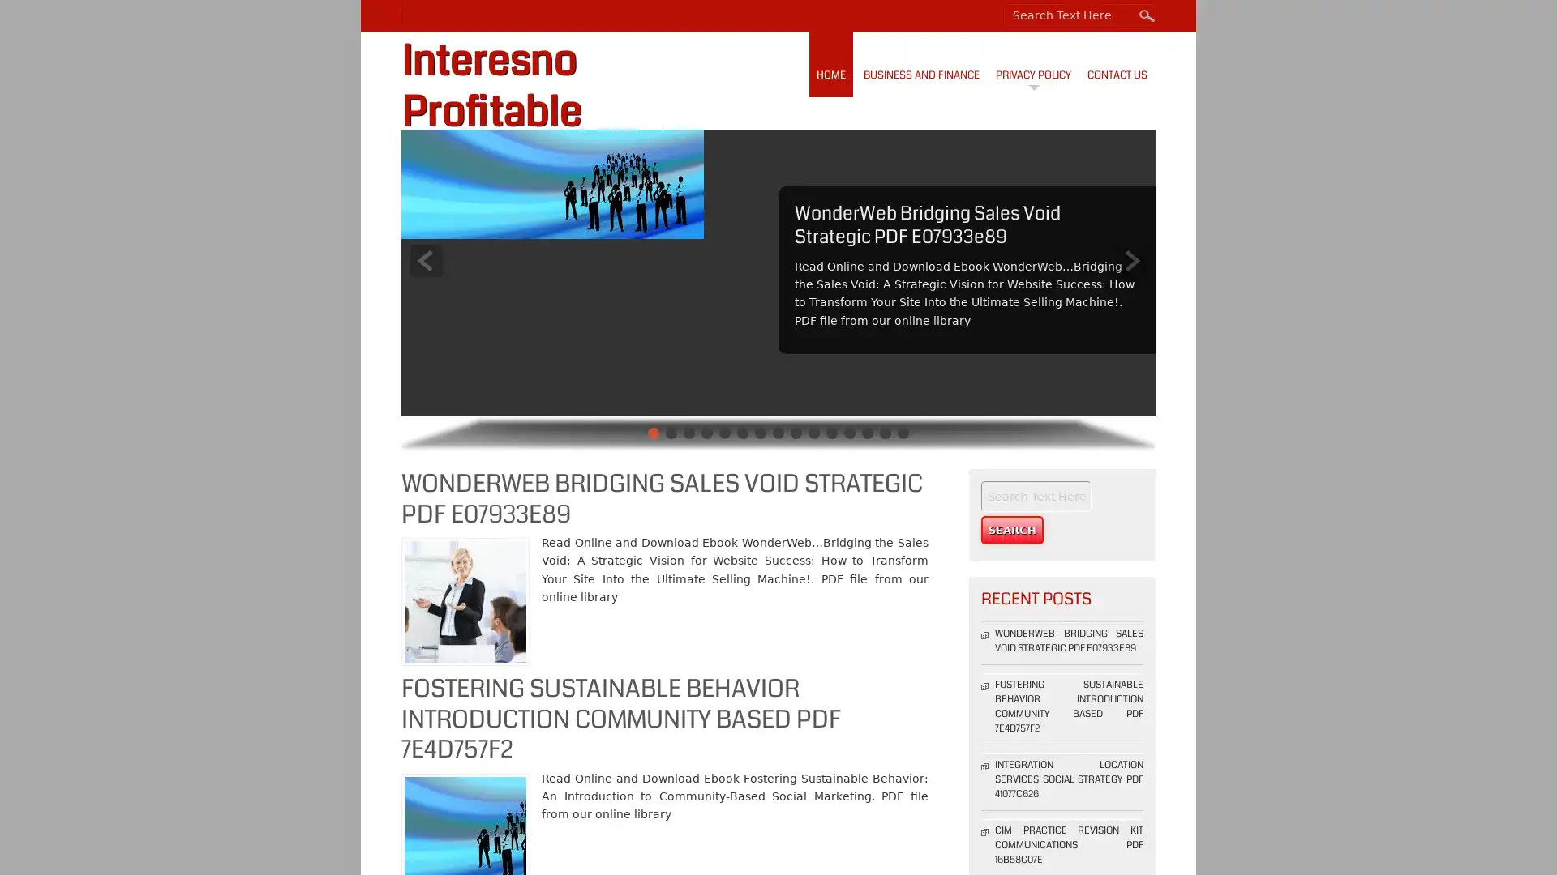 The height and width of the screenshot is (875, 1557). I want to click on Search, so click(1011, 530).